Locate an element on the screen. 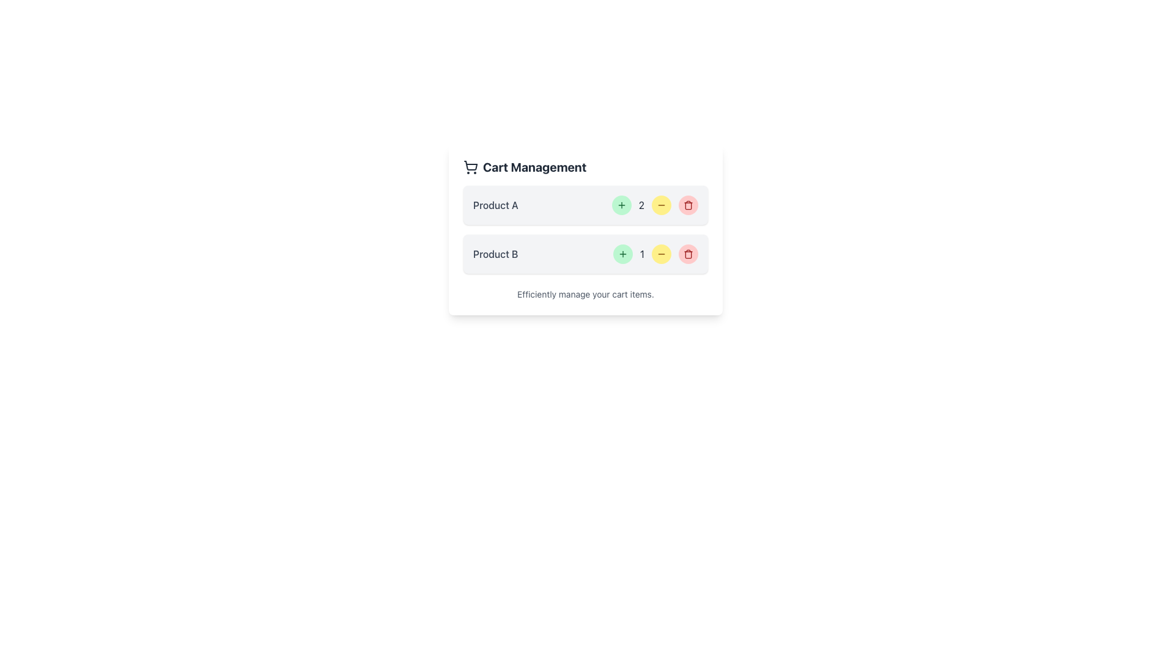 The width and height of the screenshot is (1174, 660). the circular button with a yellow background and minus sign icon, positioned between a number display and a red delete button is located at coordinates (660, 204).